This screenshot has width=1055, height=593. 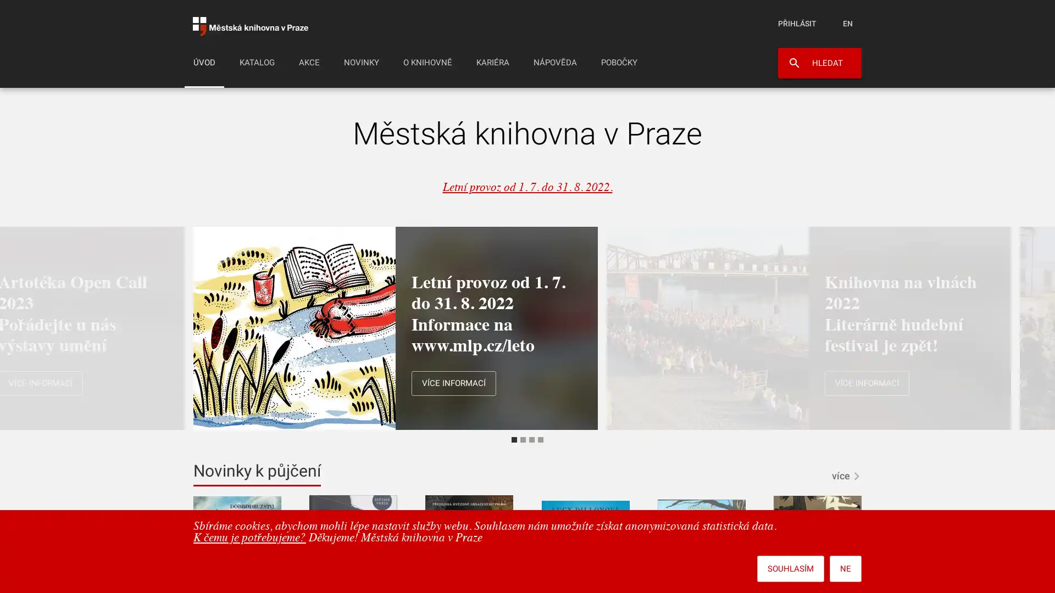 I want to click on SOUHLASIM, so click(x=790, y=568).